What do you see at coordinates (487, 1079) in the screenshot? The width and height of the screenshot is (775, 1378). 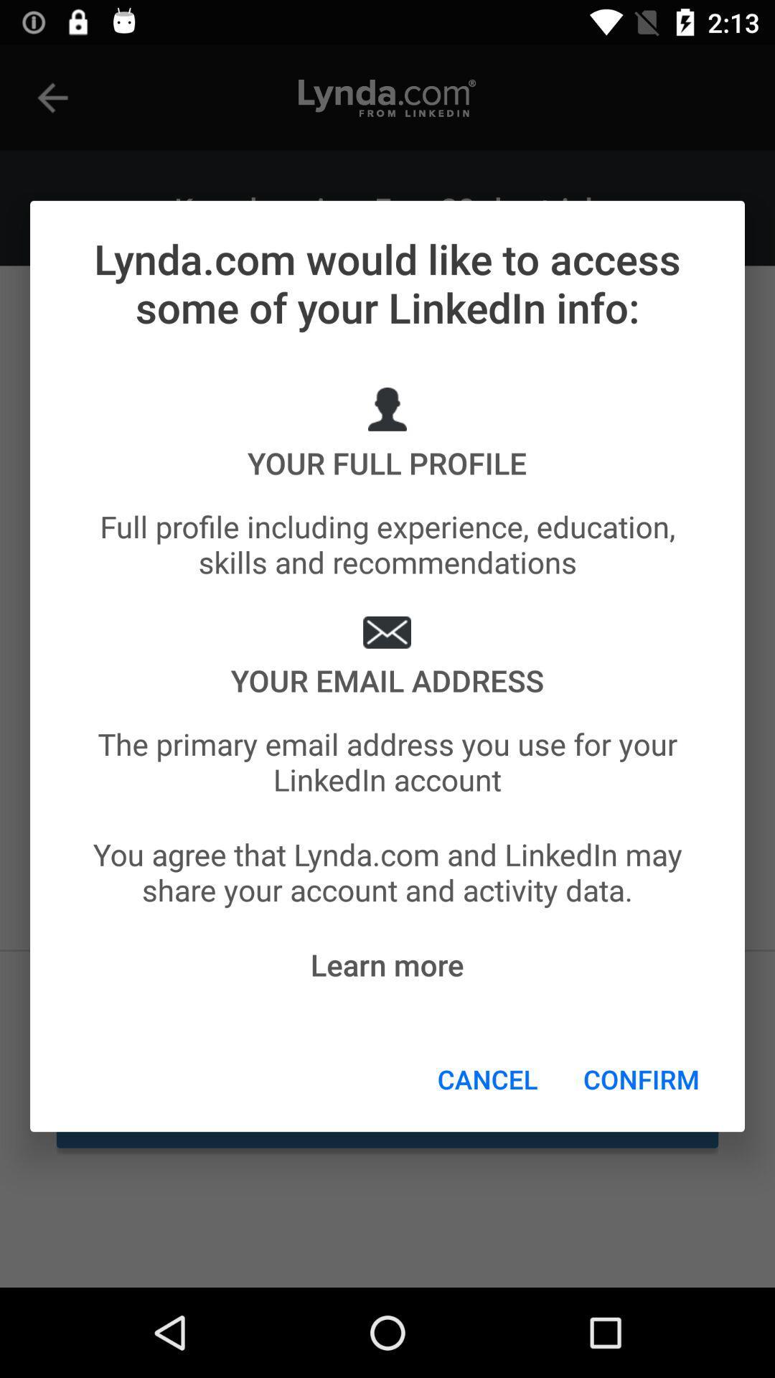 I see `the icon to the left of the confirm` at bounding box center [487, 1079].